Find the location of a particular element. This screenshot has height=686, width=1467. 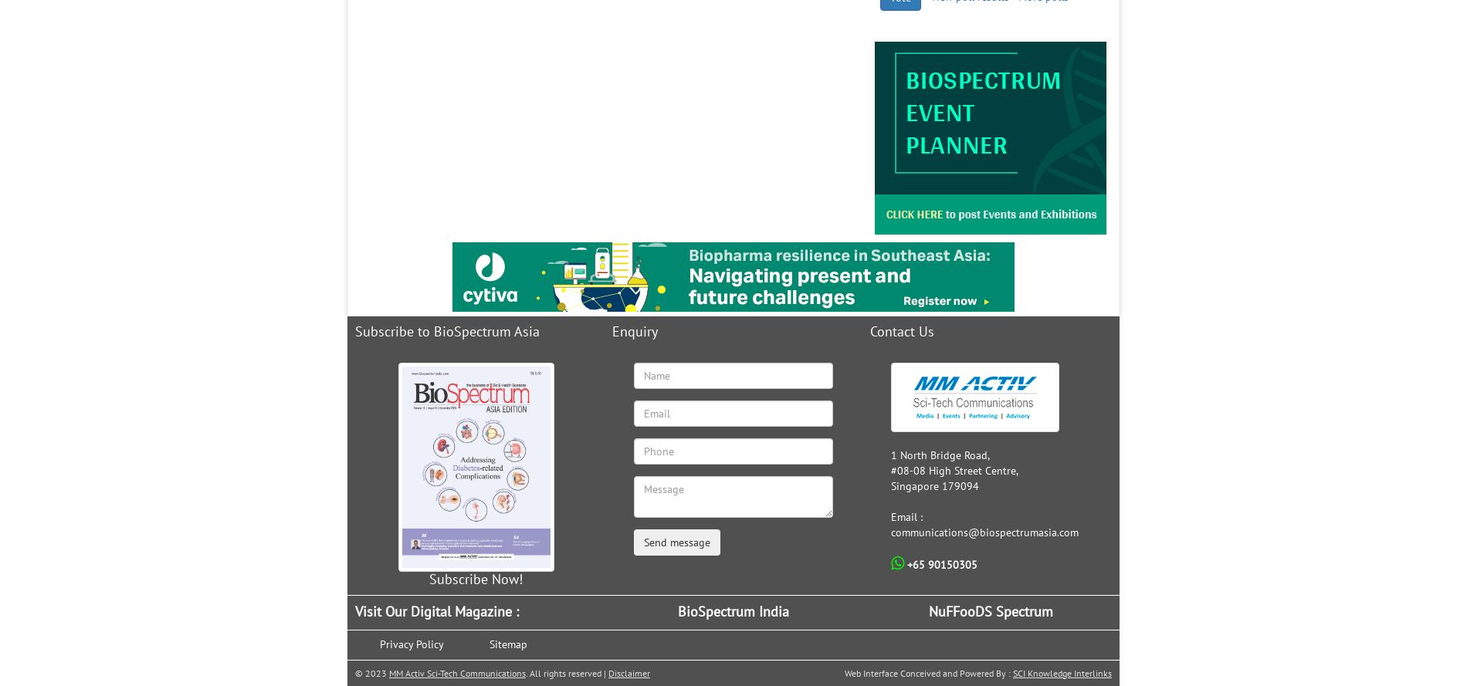

'. All rights reserved |' is located at coordinates (525, 671).